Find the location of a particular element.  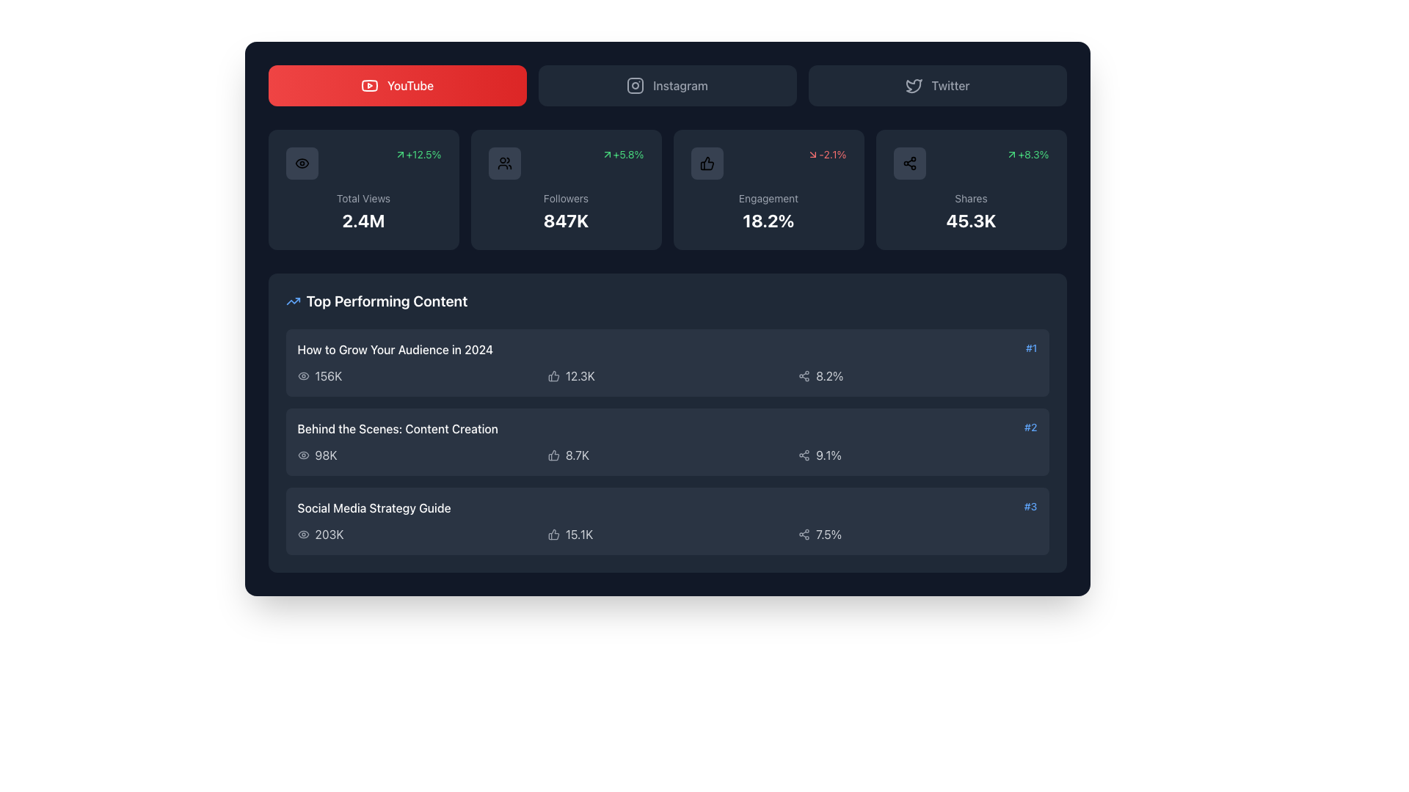

the informational text with an icon indicating the percentage increase in followers, located in the middle row of the interface near the top right corner of the 'Followers' section is located at coordinates (622, 155).